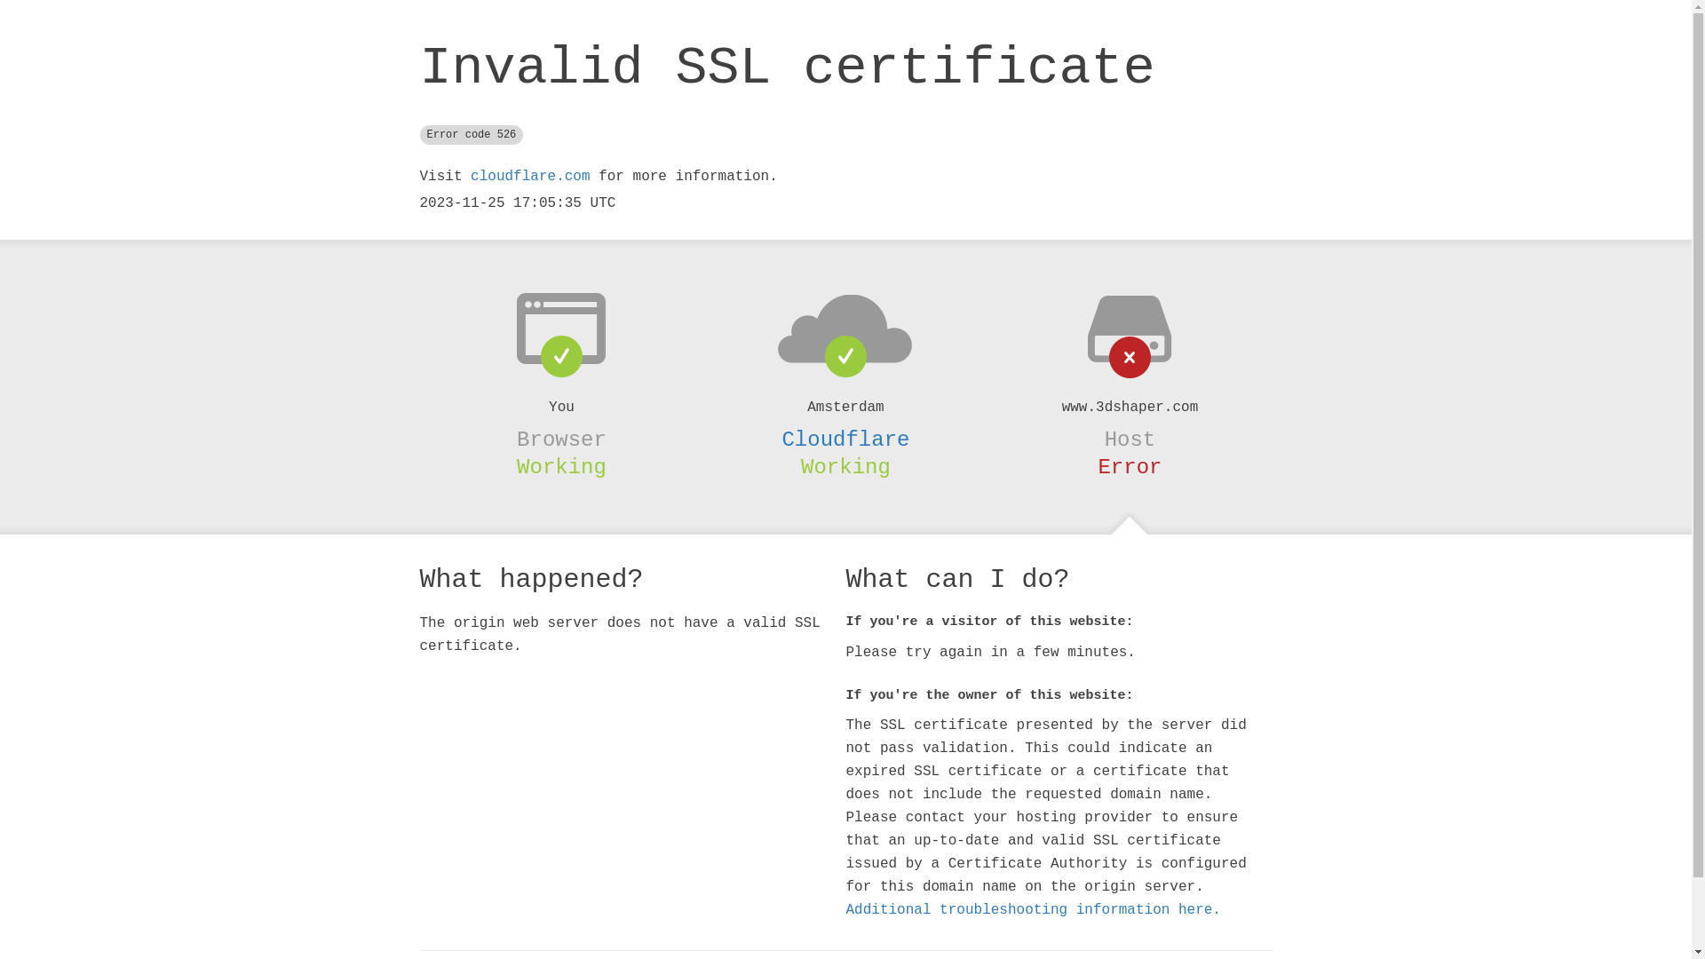 The image size is (1705, 959). I want to click on 'Cloudflare', so click(844, 440).